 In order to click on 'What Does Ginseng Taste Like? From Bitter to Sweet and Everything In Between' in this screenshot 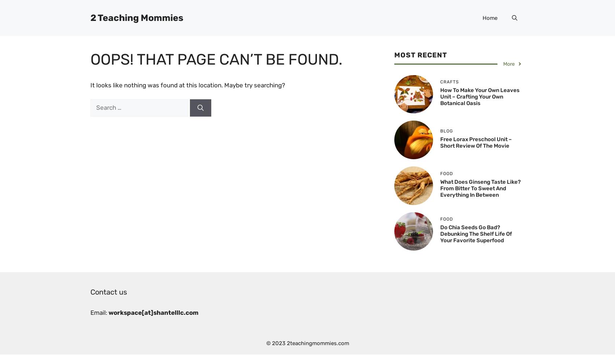, I will do `click(480, 188)`.